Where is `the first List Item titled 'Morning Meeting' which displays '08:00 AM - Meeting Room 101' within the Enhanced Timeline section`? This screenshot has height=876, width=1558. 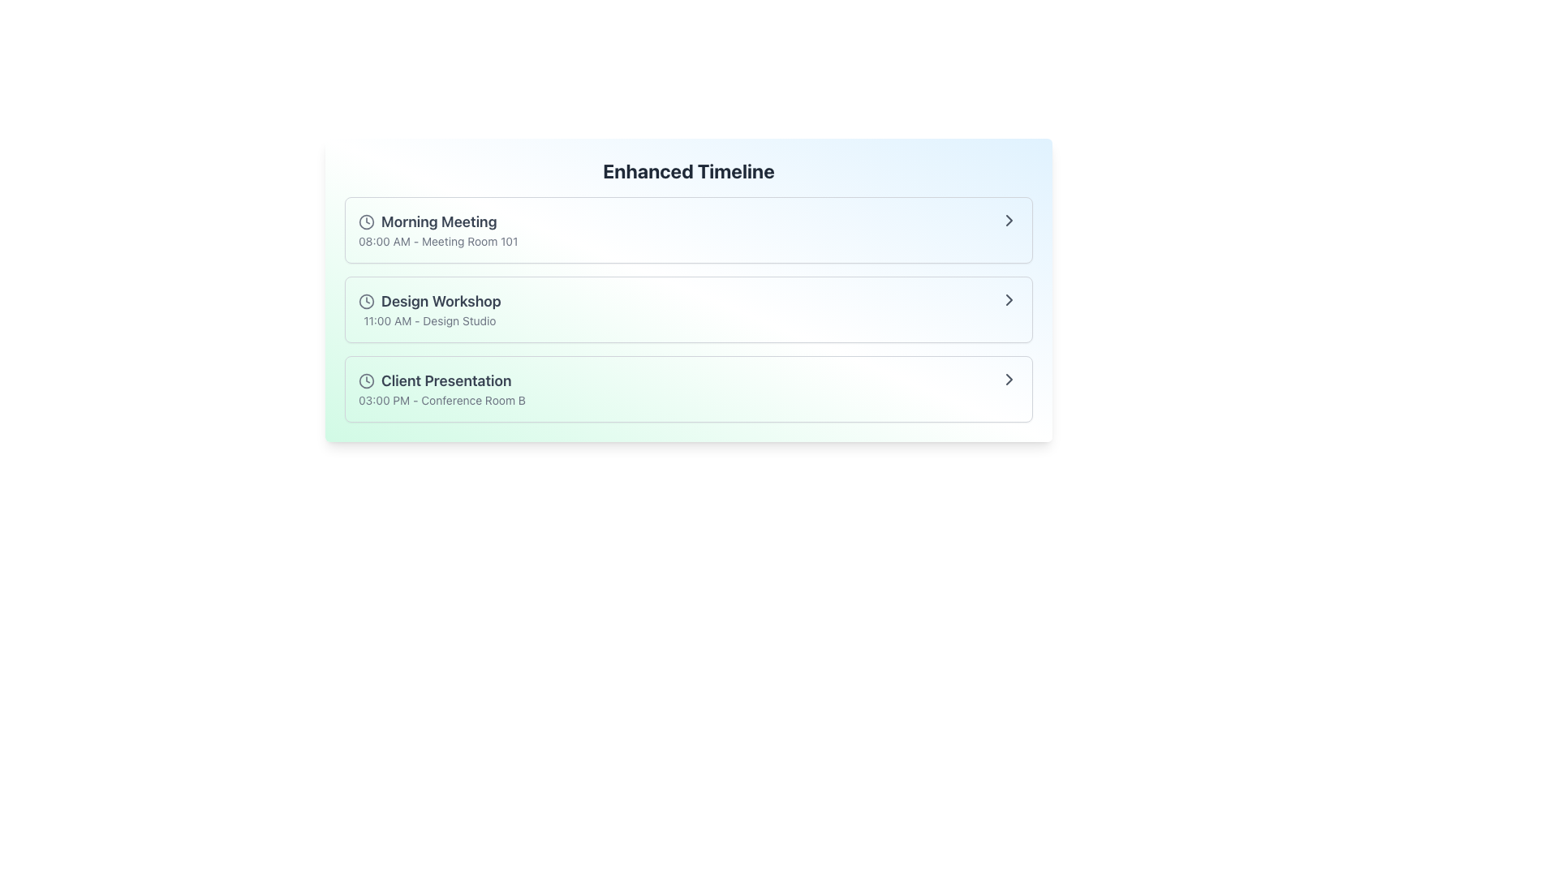
the first List Item titled 'Morning Meeting' which displays '08:00 AM - Meeting Room 101' within the Enhanced Timeline section is located at coordinates (689, 230).